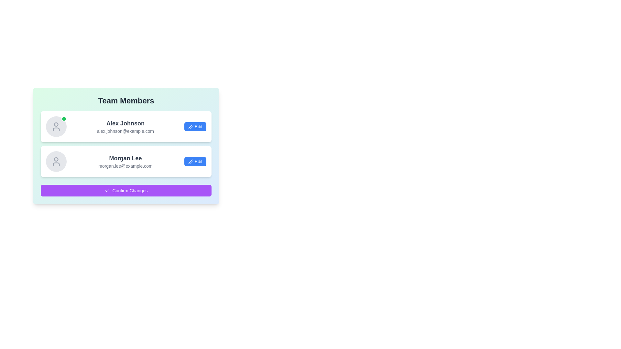 This screenshot has width=621, height=349. I want to click on the small pen icon within the blue 'Edit' button located to the right of 'Morgan Lee' and their email address for tooltip/info, so click(191, 162).